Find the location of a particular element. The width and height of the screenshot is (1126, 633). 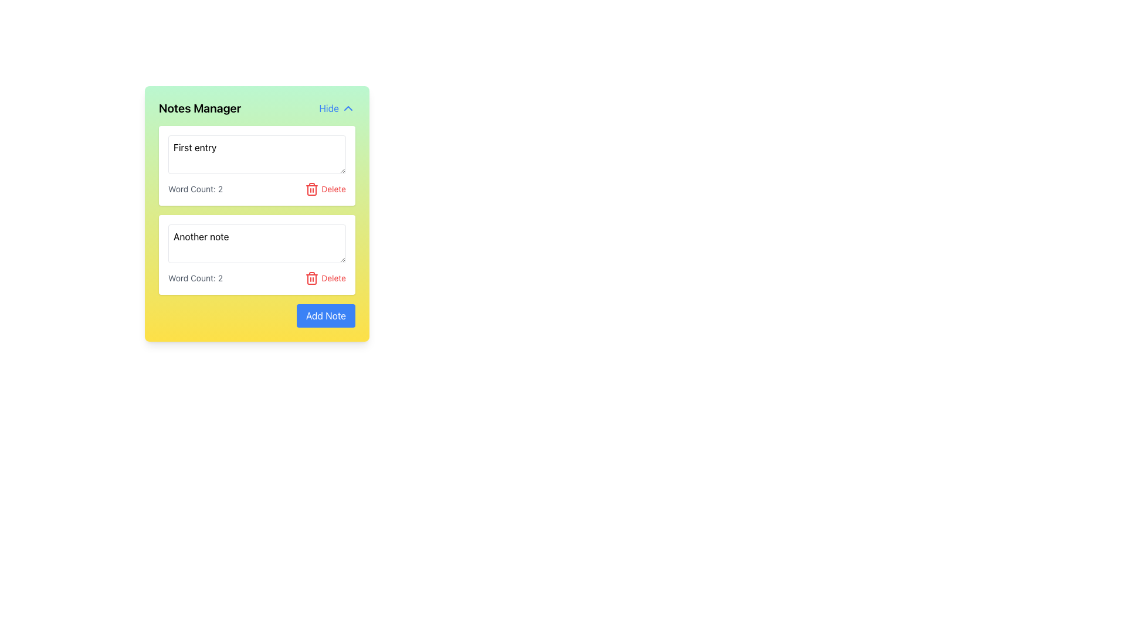

the red trash bin icon, which symbolizes deletions, located near the 'Delete' text is located at coordinates (312, 278).